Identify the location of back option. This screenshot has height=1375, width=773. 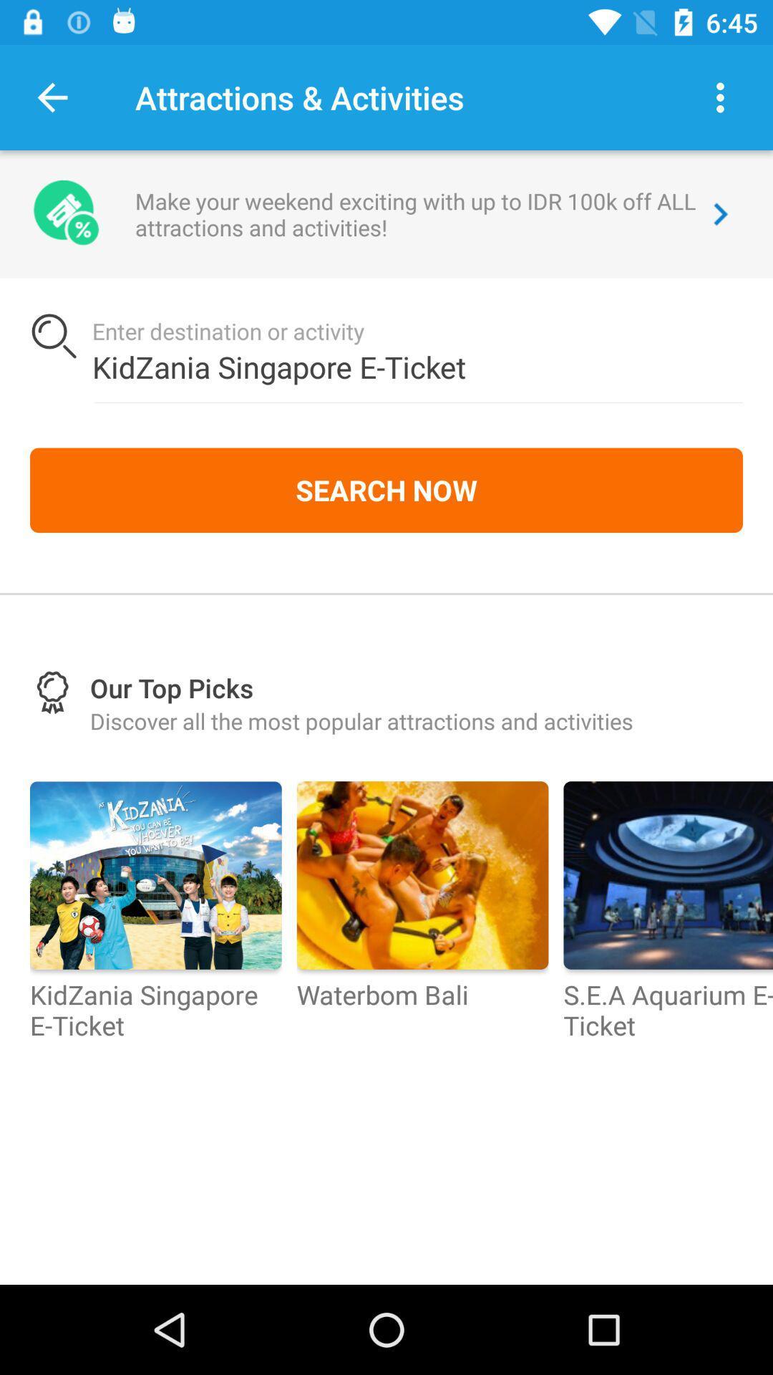
(52, 97).